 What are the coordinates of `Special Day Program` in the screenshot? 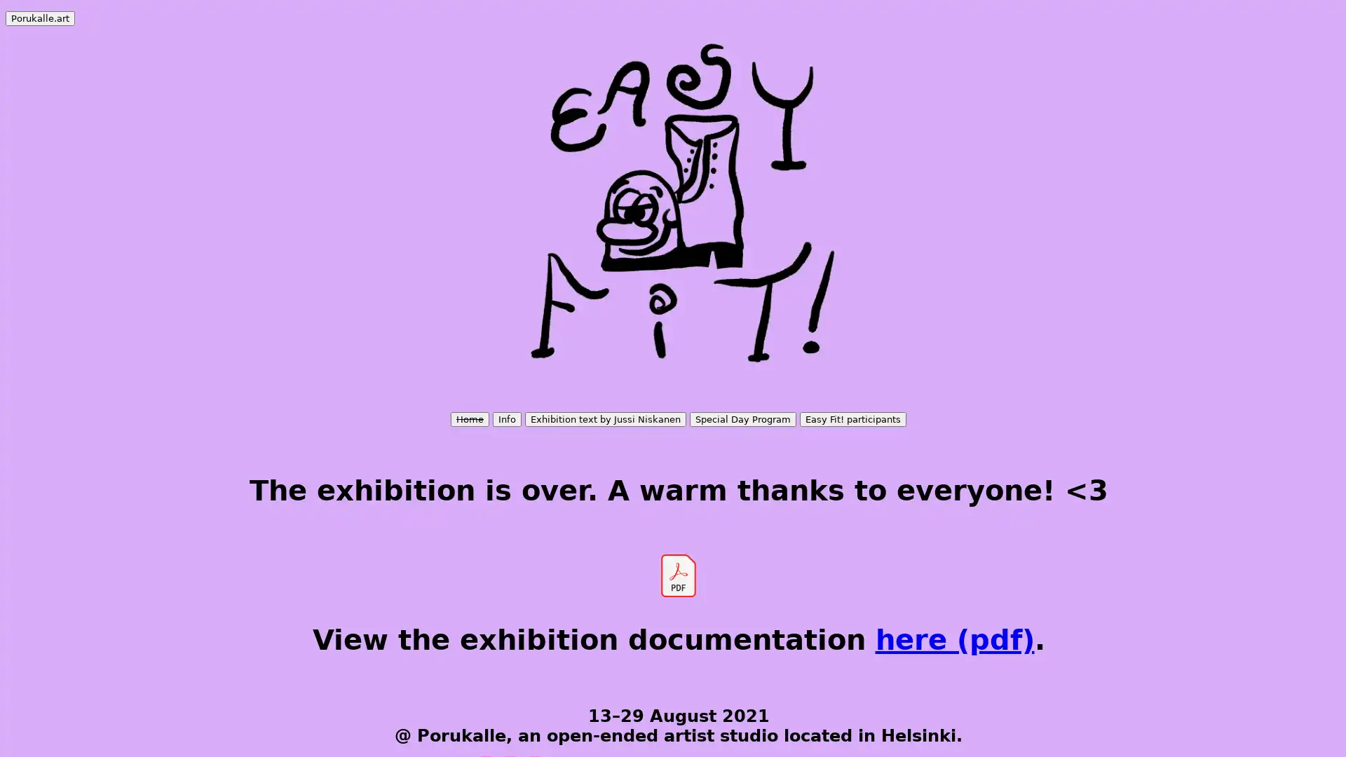 It's located at (742, 418).